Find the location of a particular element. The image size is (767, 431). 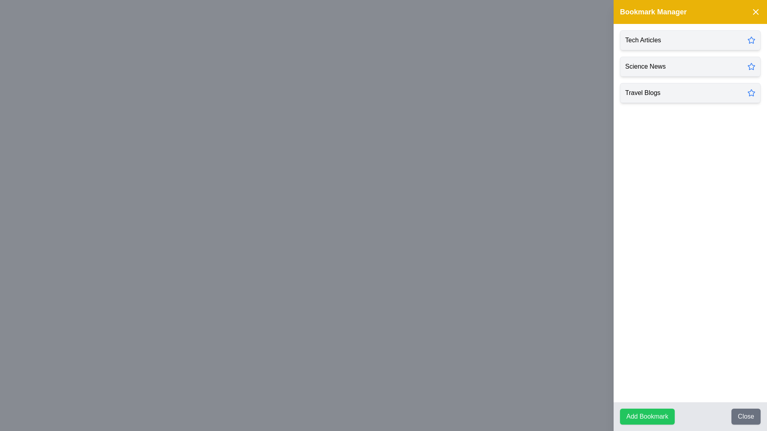

the star icon located to the right of the 'Science News' text in the 'Bookmark Manager' section is located at coordinates (751, 66).